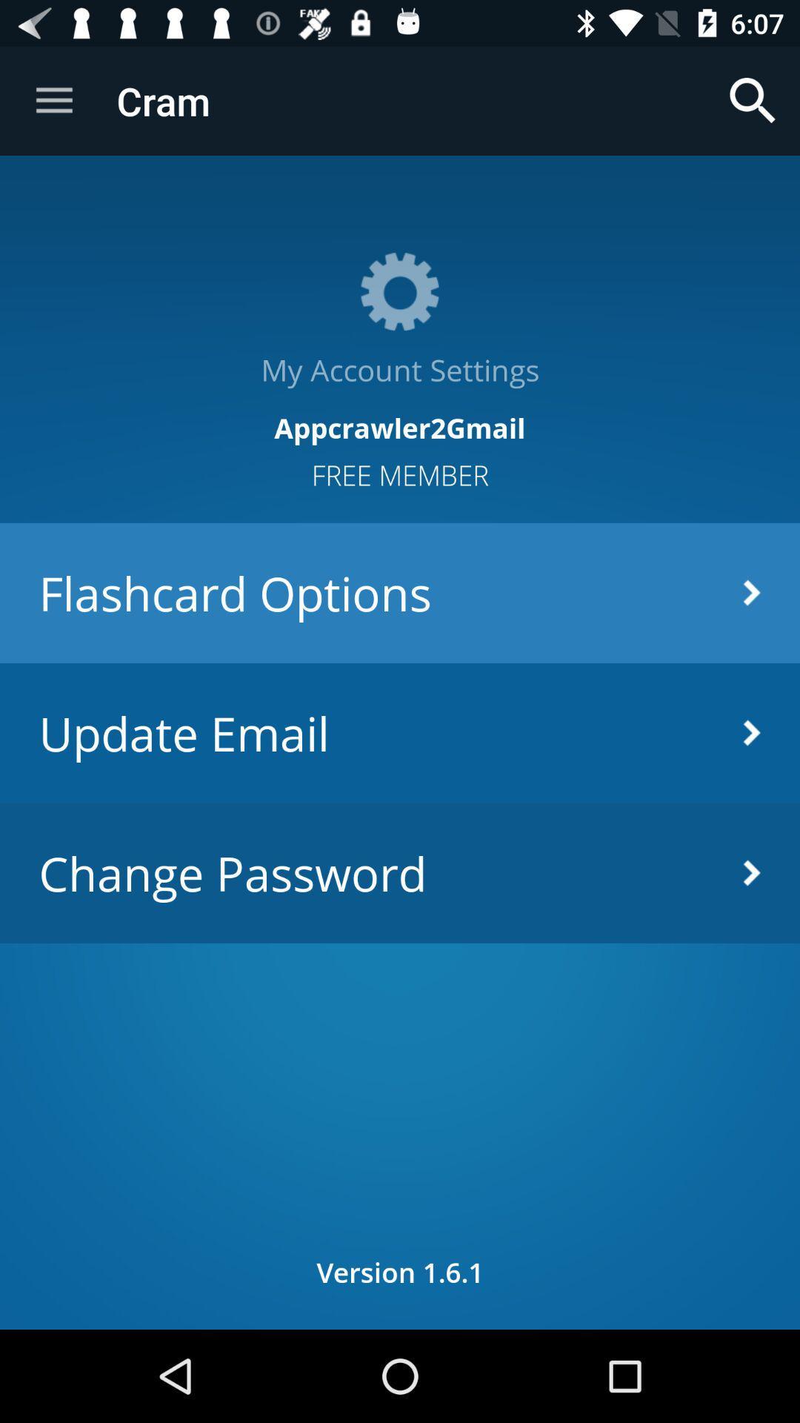  What do you see at coordinates (753, 100) in the screenshot?
I see `the app next to cram item` at bounding box center [753, 100].